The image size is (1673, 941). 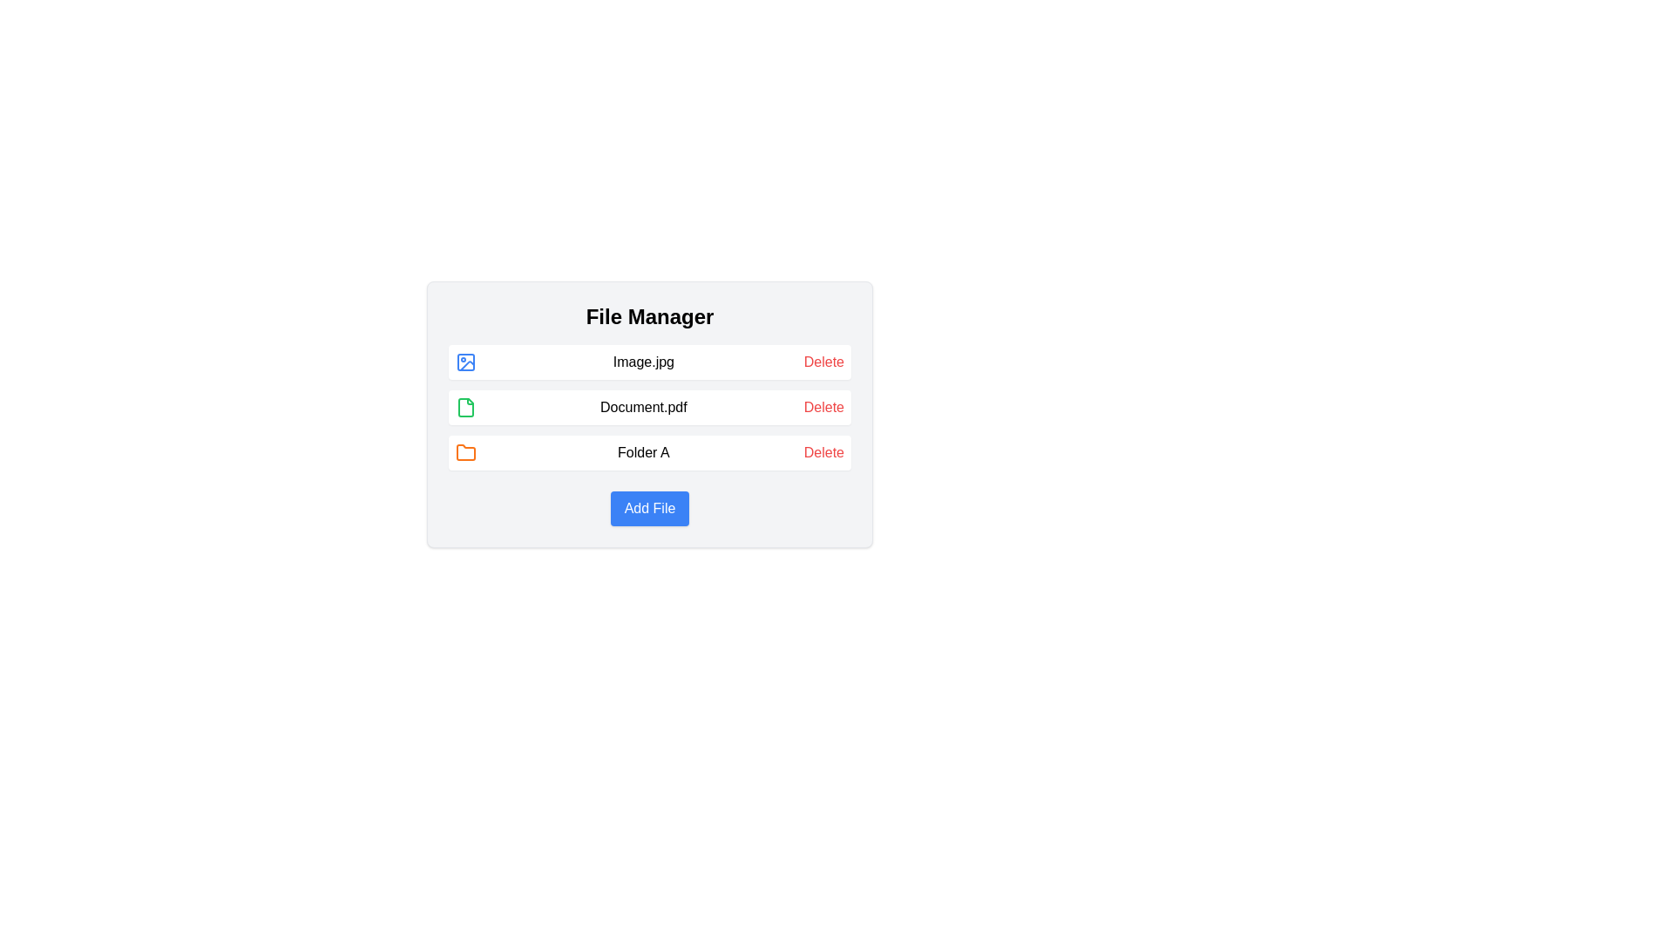 What do you see at coordinates (465, 407) in the screenshot?
I see `the second icon representing a file in the file manager` at bounding box center [465, 407].